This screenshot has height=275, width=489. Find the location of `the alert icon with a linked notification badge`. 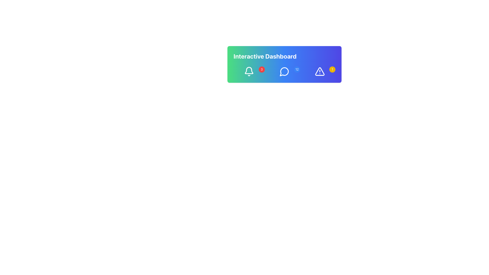

the alert icon with a linked notification badge is located at coordinates (319, 72).